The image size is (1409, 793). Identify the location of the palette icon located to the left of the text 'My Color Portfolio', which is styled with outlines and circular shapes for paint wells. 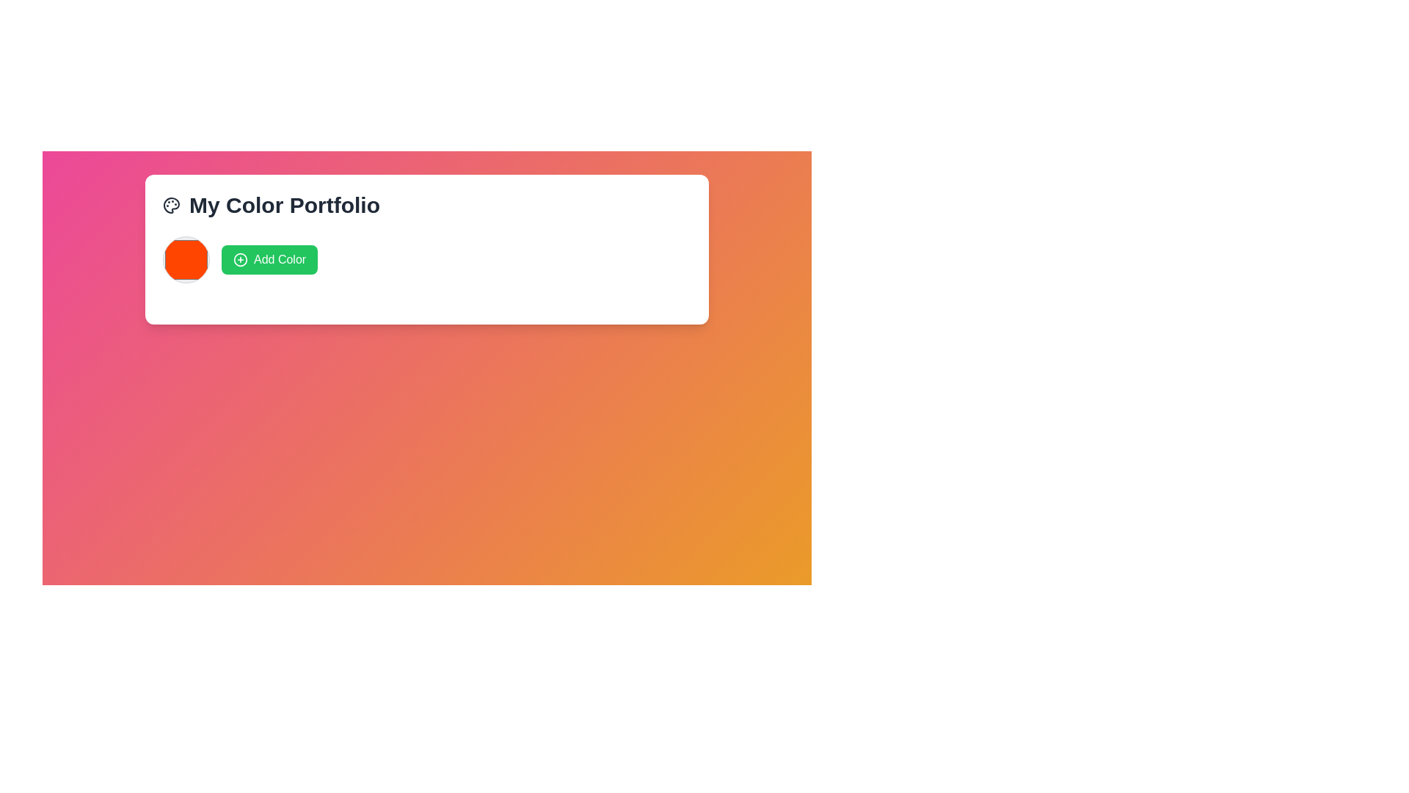
(172, 206).